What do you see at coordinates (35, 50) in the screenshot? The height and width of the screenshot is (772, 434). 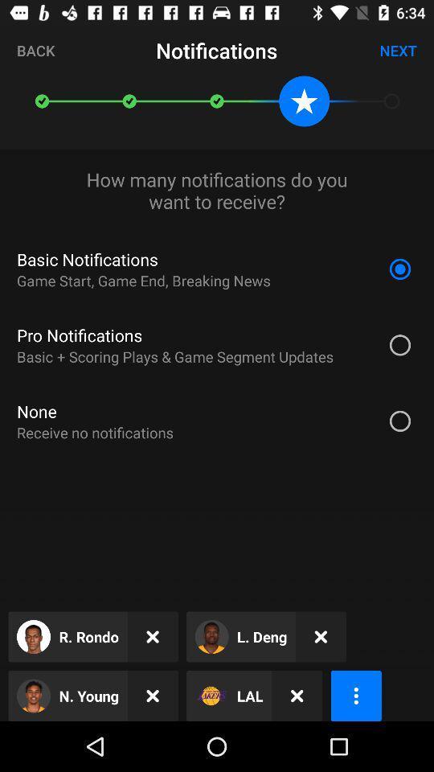 I see `back item` at bounding box center [35, 50].